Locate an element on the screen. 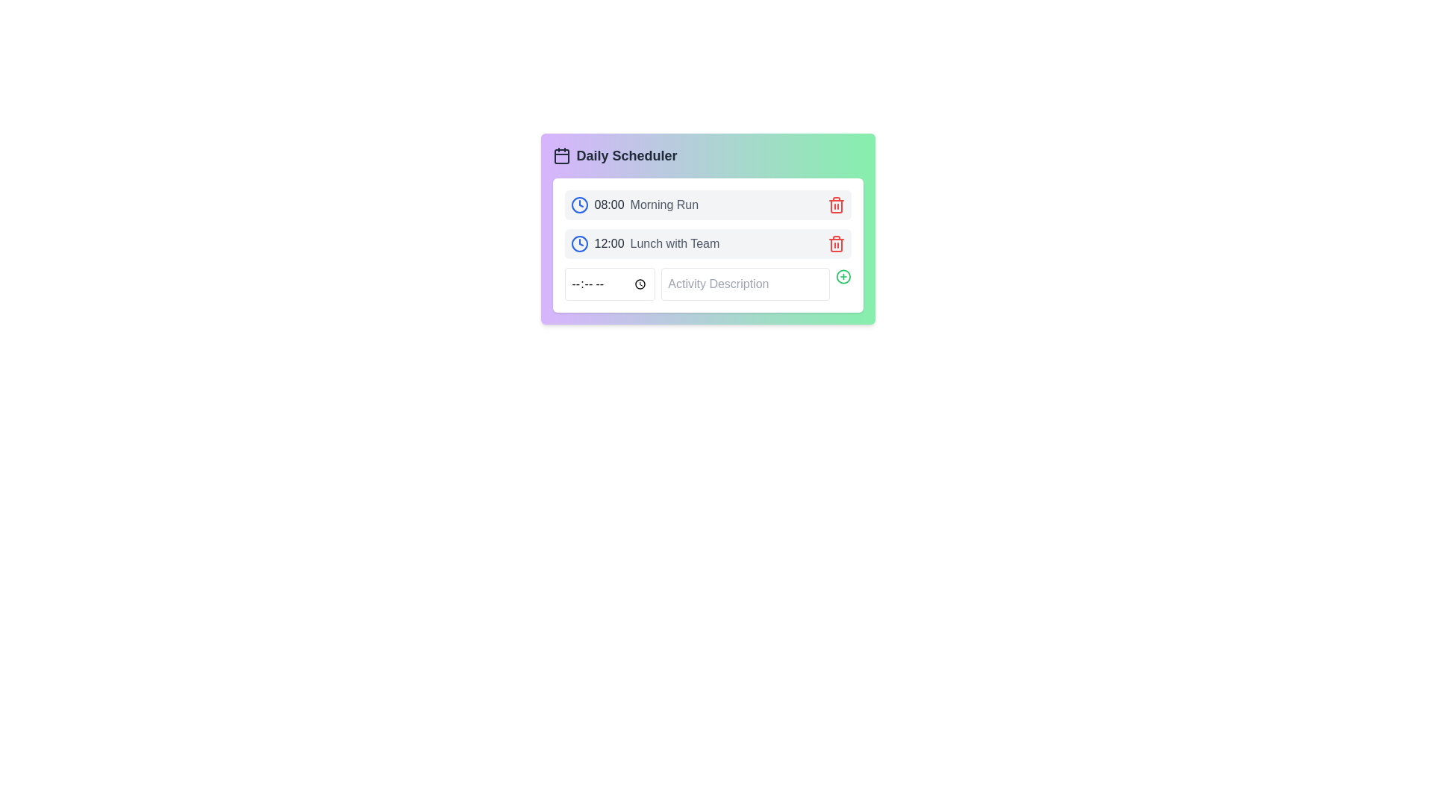  the text input field that allows the user to type a description or notes related to an activity to focus on it is located at coordinates (745, 284).